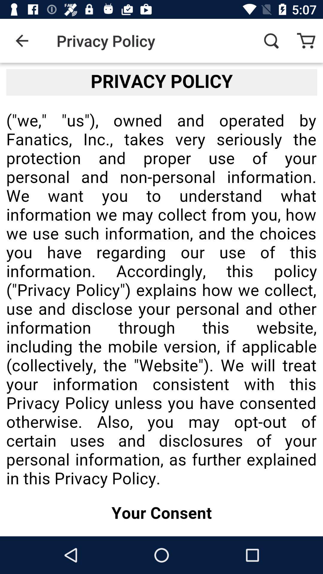  I want to click on read consent, so click(161, 300).